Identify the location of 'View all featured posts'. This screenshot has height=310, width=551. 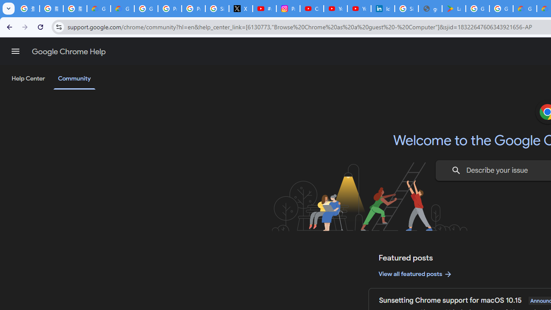
(415, 274).